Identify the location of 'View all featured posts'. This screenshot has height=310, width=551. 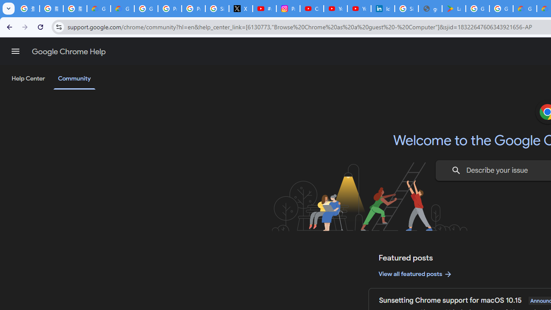
(415, 274).